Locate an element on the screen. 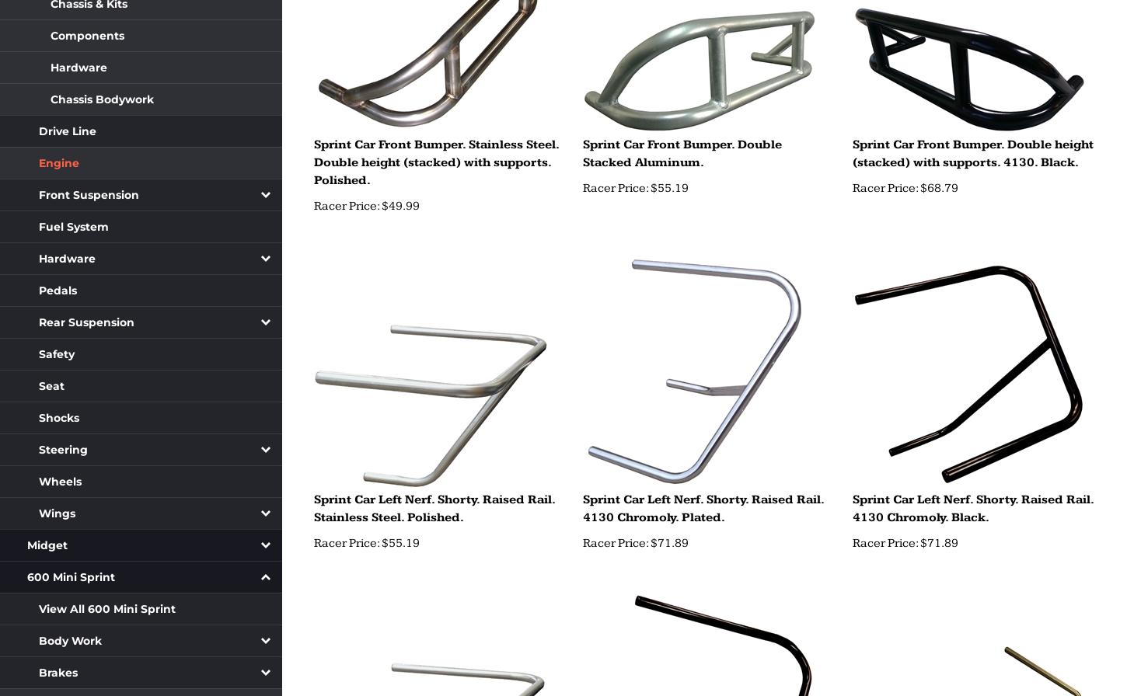 This screenshot has height=696, width=1127. 'Sprint Car Left Nerf. Shorty. Raised Rail.  Stainless Steel.  Polished.' is located at coordinates (433, 508).